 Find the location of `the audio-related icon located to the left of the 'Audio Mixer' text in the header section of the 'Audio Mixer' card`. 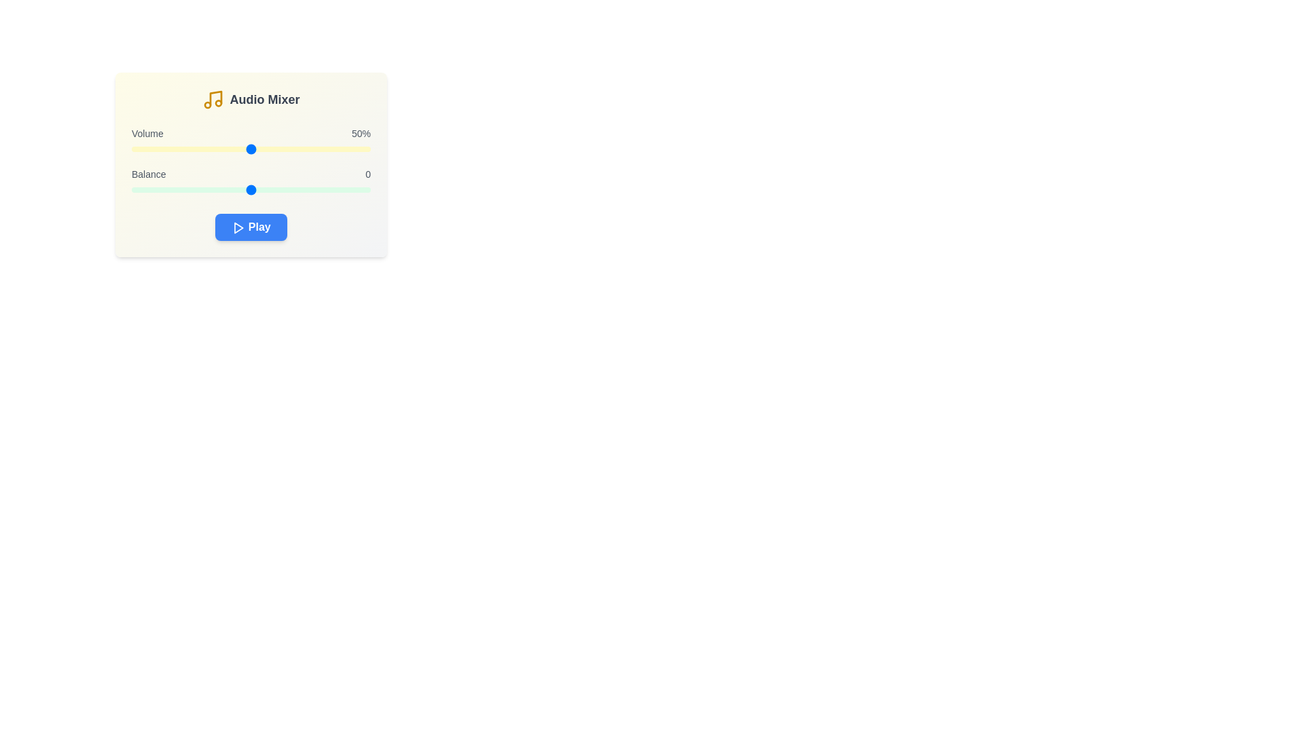

the audio-related icon located to the left of the 'Audio Mixer' text in the header section of the 'Audio Mixer' card is located at coordinates (213, 98).